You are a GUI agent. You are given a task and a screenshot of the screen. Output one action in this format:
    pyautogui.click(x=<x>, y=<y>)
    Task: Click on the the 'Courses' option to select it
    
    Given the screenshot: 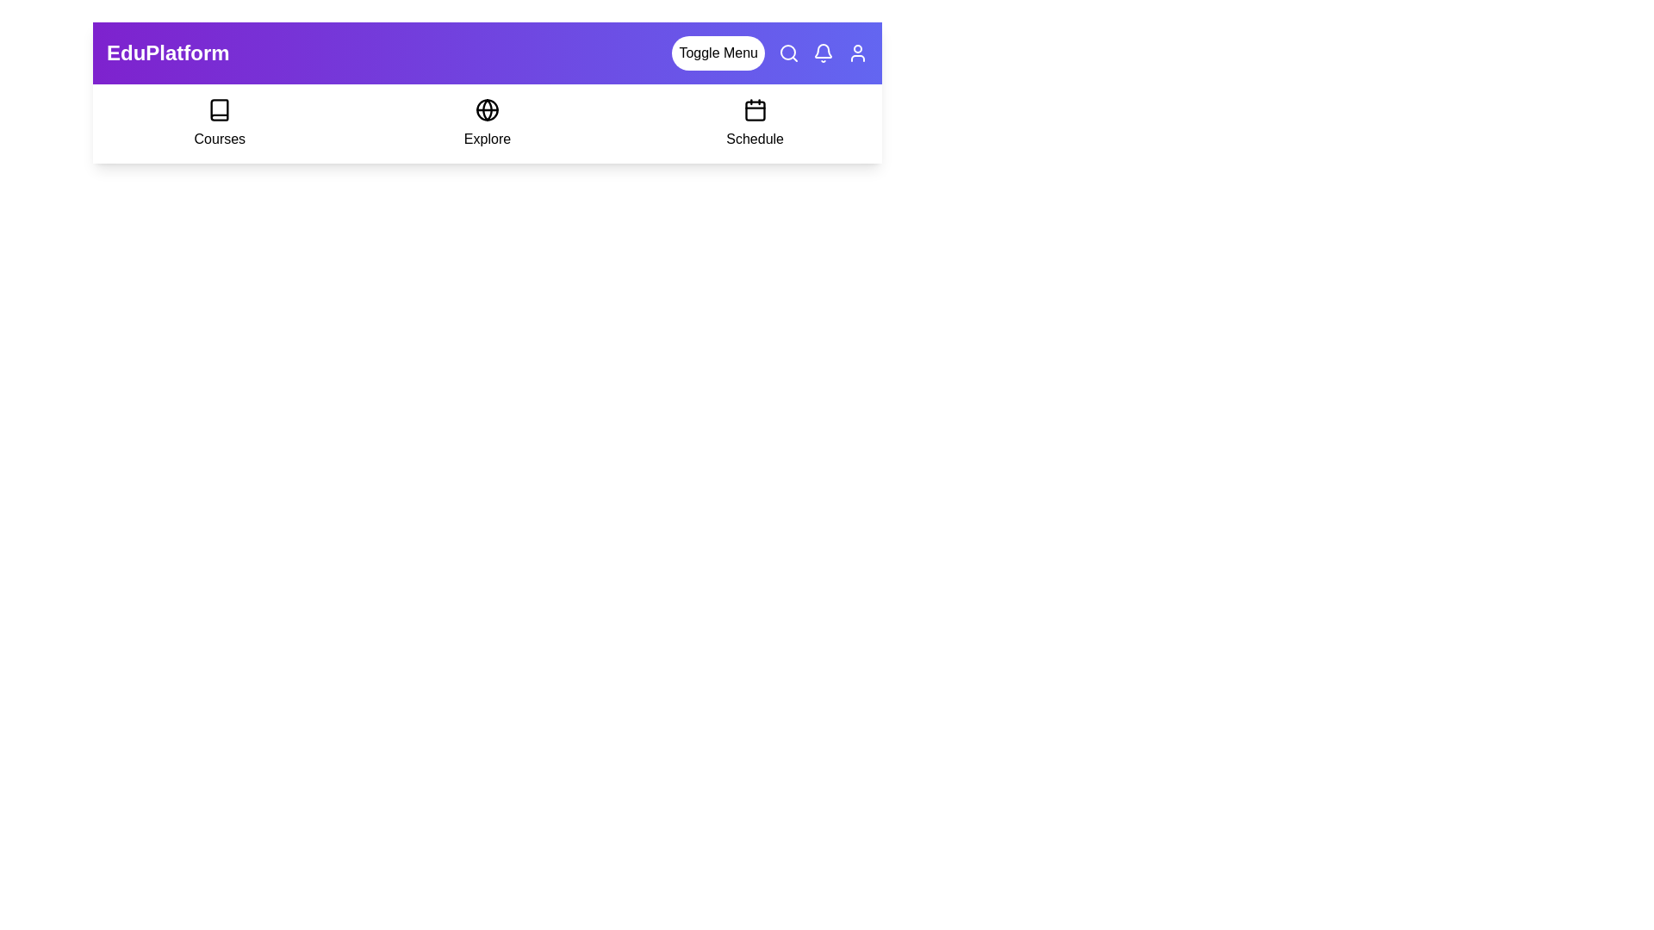 What is the action you would take?
    pyautogui.click(x=218, y=122)
    